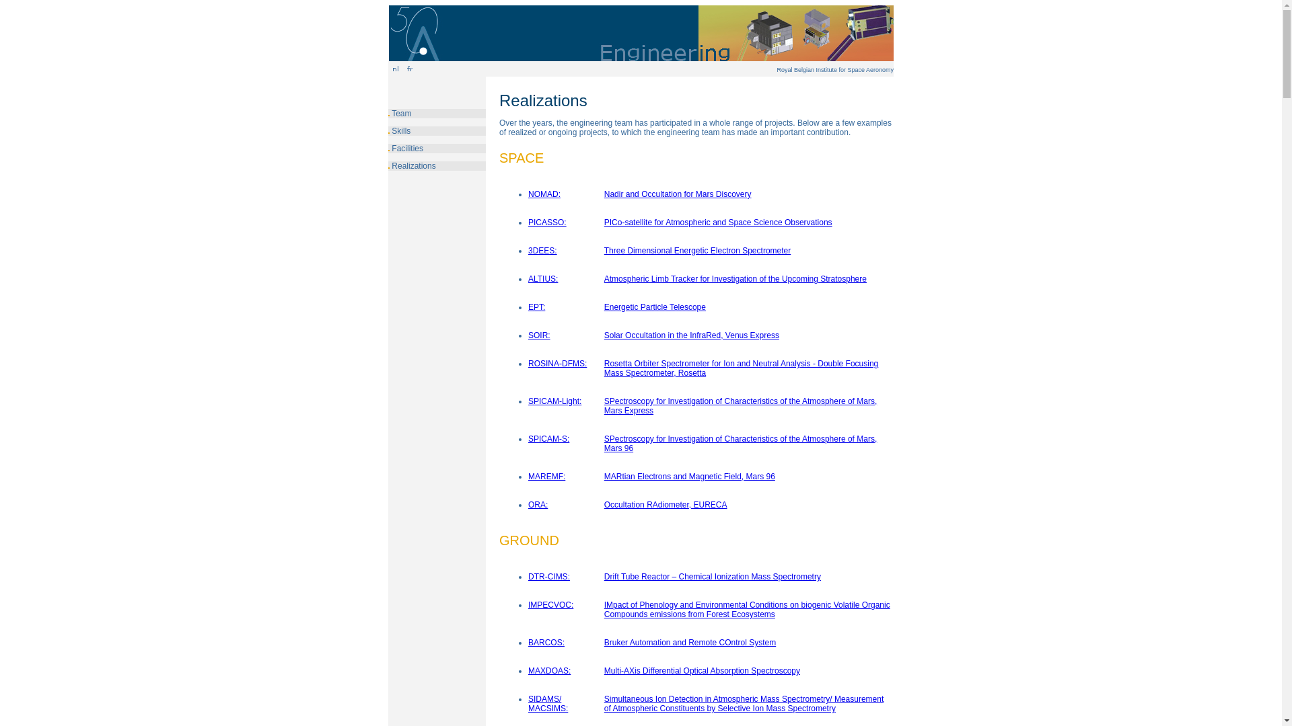 The width and height of the screenshot is (1292, 726). I want to click on 'BARCOS:', so click(546, 642).